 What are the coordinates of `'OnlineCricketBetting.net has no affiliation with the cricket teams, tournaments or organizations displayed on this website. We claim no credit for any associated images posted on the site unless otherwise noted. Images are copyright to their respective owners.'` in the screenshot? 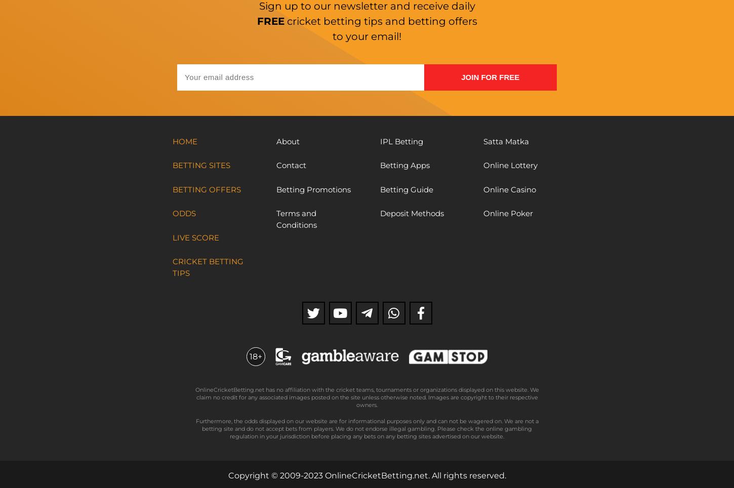 It's located at (366, 397).